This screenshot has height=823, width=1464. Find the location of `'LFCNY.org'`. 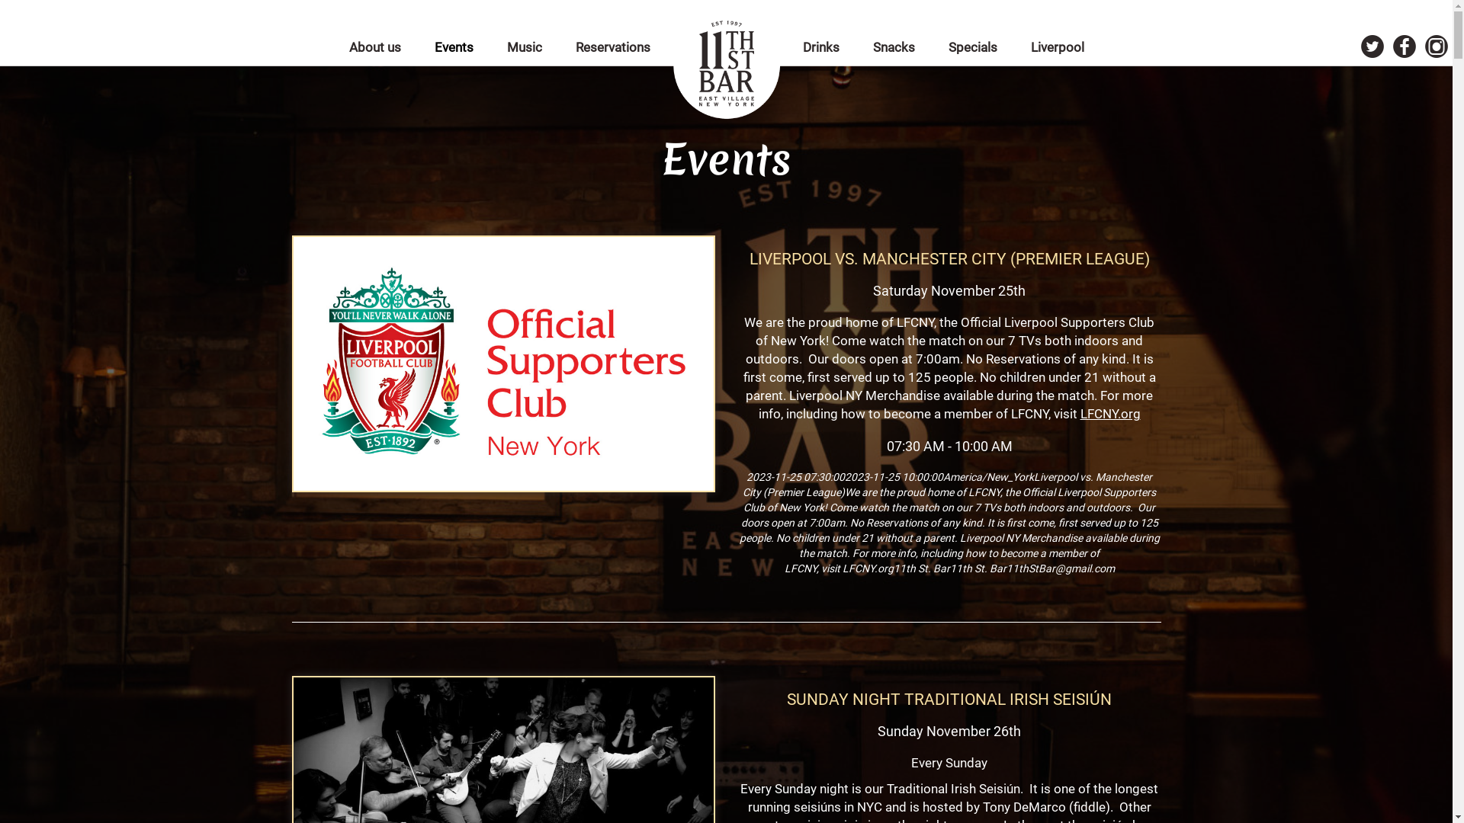

'LFCNY.org' is located at coordinates (1109, 414).